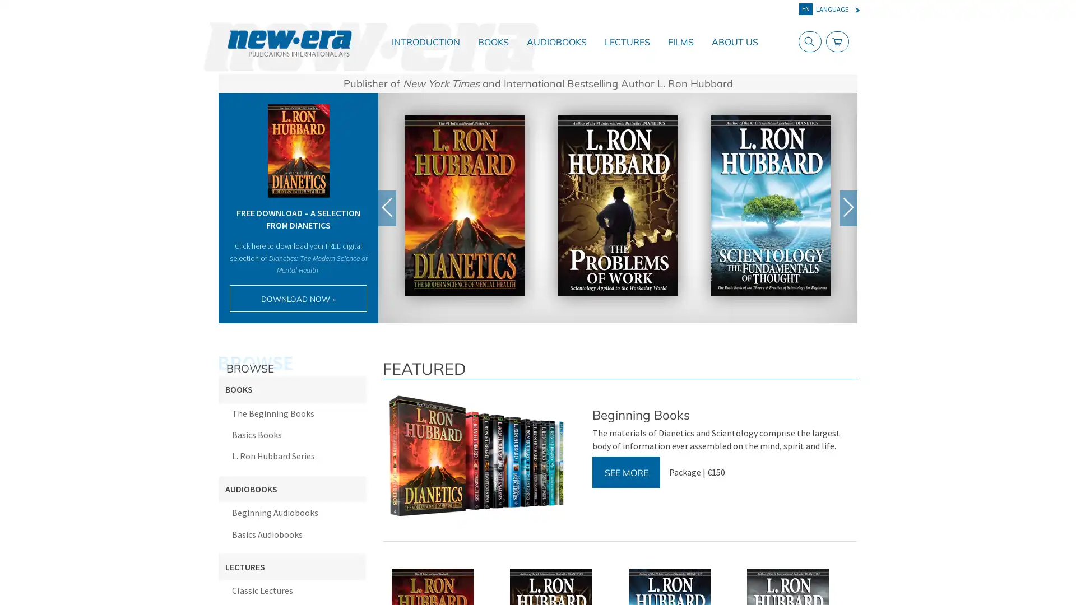 Image resolution: width=1076 pixels, height=605 pixels. I want to click on Previous slide, so click(387, 207).